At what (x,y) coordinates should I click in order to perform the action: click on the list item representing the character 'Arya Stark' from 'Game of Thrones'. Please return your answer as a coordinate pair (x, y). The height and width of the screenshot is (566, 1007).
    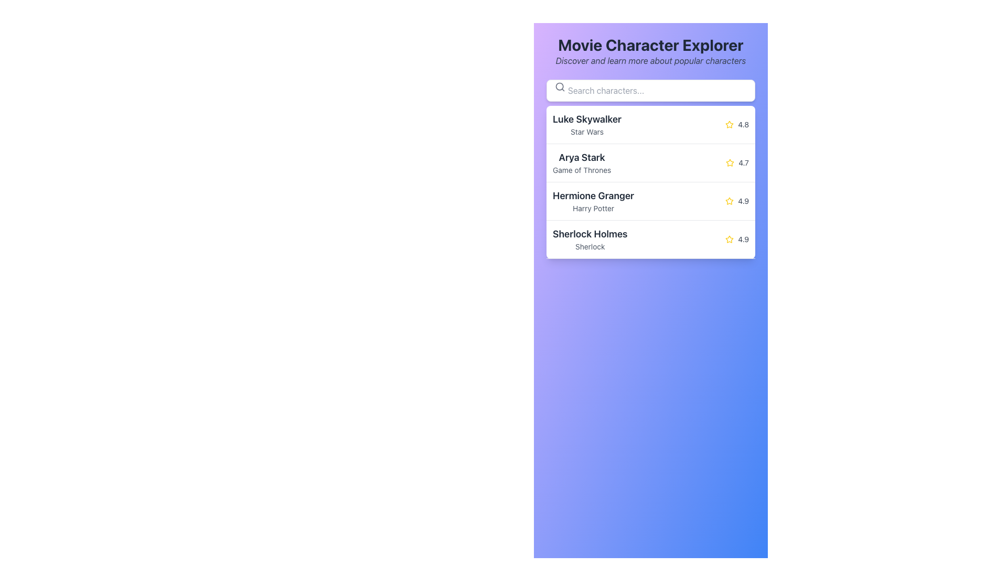
    Looking at the image, I should click on (650, 163).